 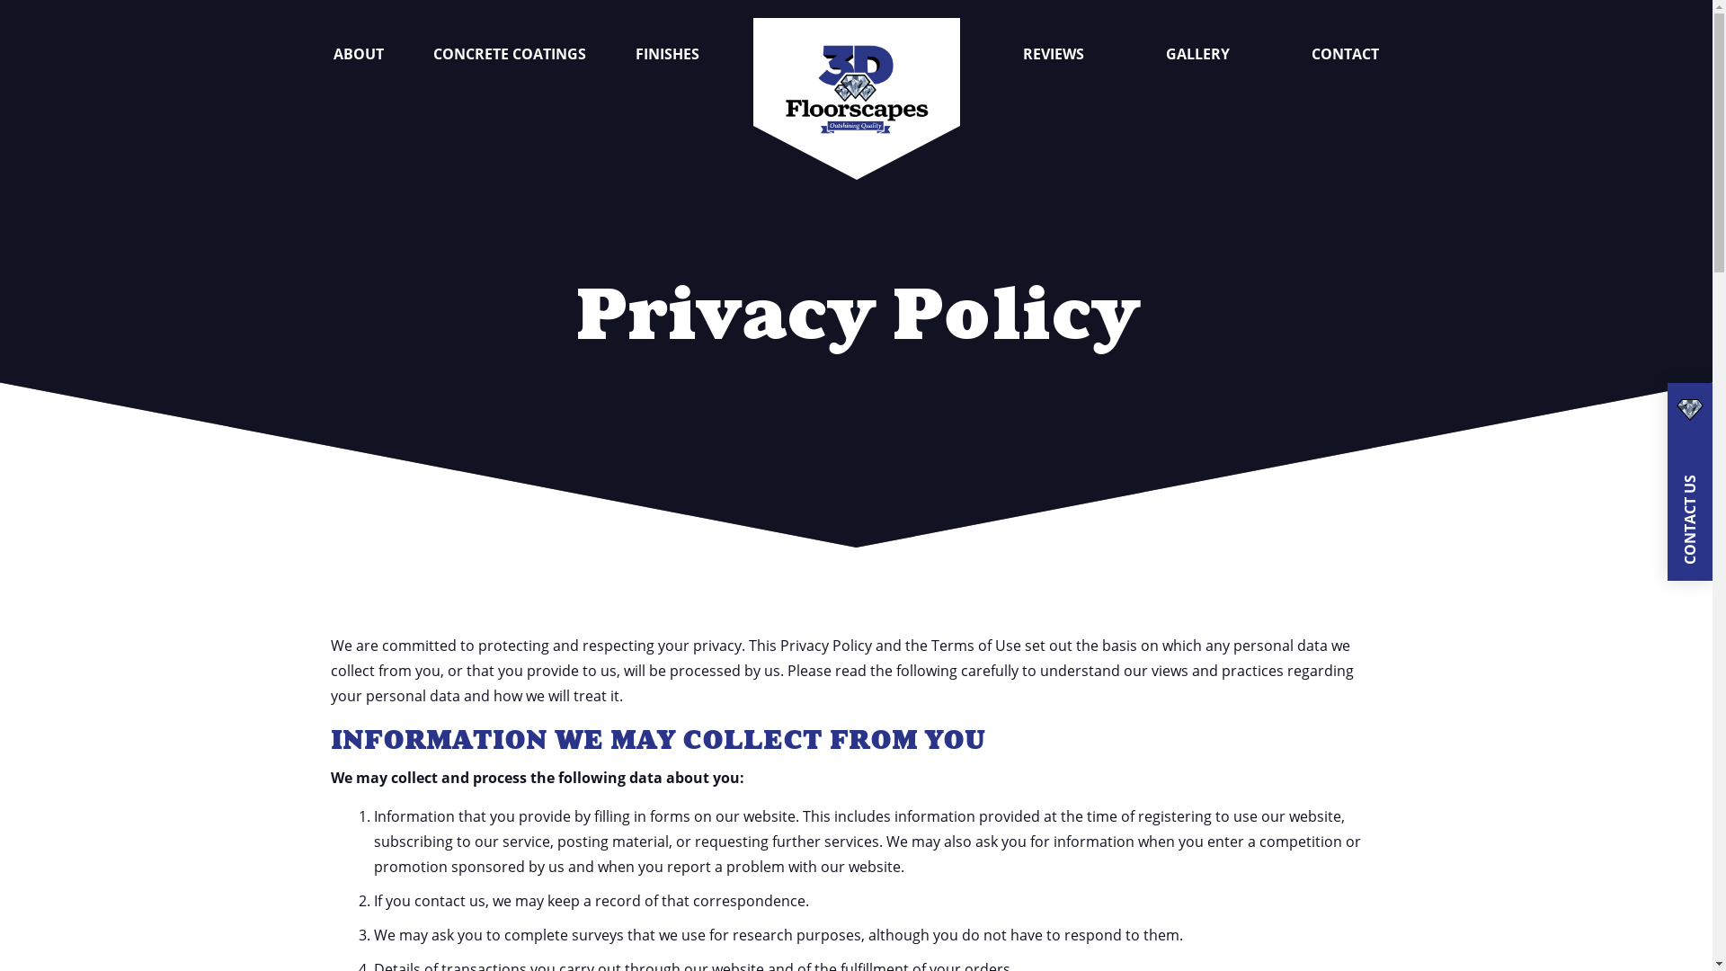 I want to click on 'REVIEWS', so click(x=1053, y=53).